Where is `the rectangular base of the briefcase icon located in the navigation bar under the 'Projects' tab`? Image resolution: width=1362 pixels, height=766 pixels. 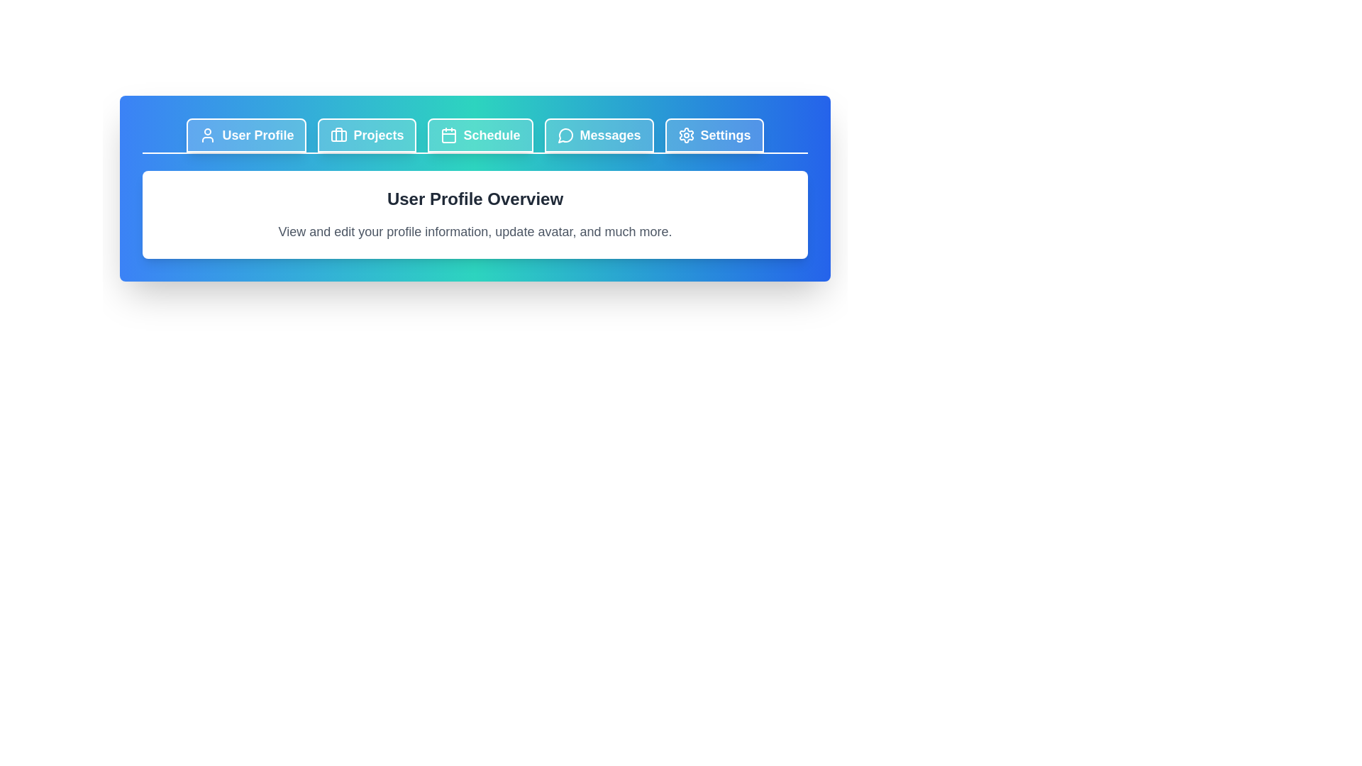
the rectangular base of the briefcase icon located in the navigation bar under the 'Projects' tab is located at coordinates (338, 136).